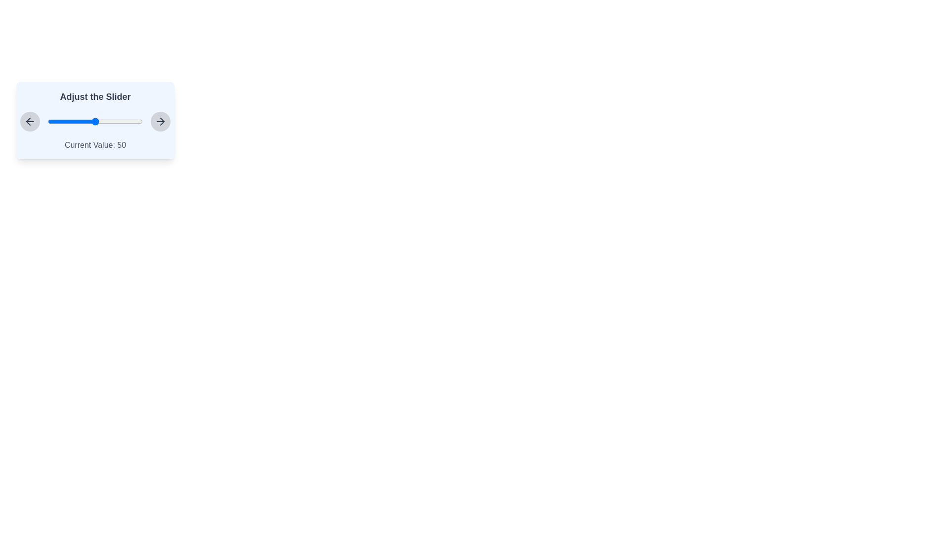 Image resolution: width=949 pixels, height=534 pixels. Describe the element at coordinates (161, 121) in the screenshot. I see `the circular button with a gray background and a right-pointing arrow icon` at that location.